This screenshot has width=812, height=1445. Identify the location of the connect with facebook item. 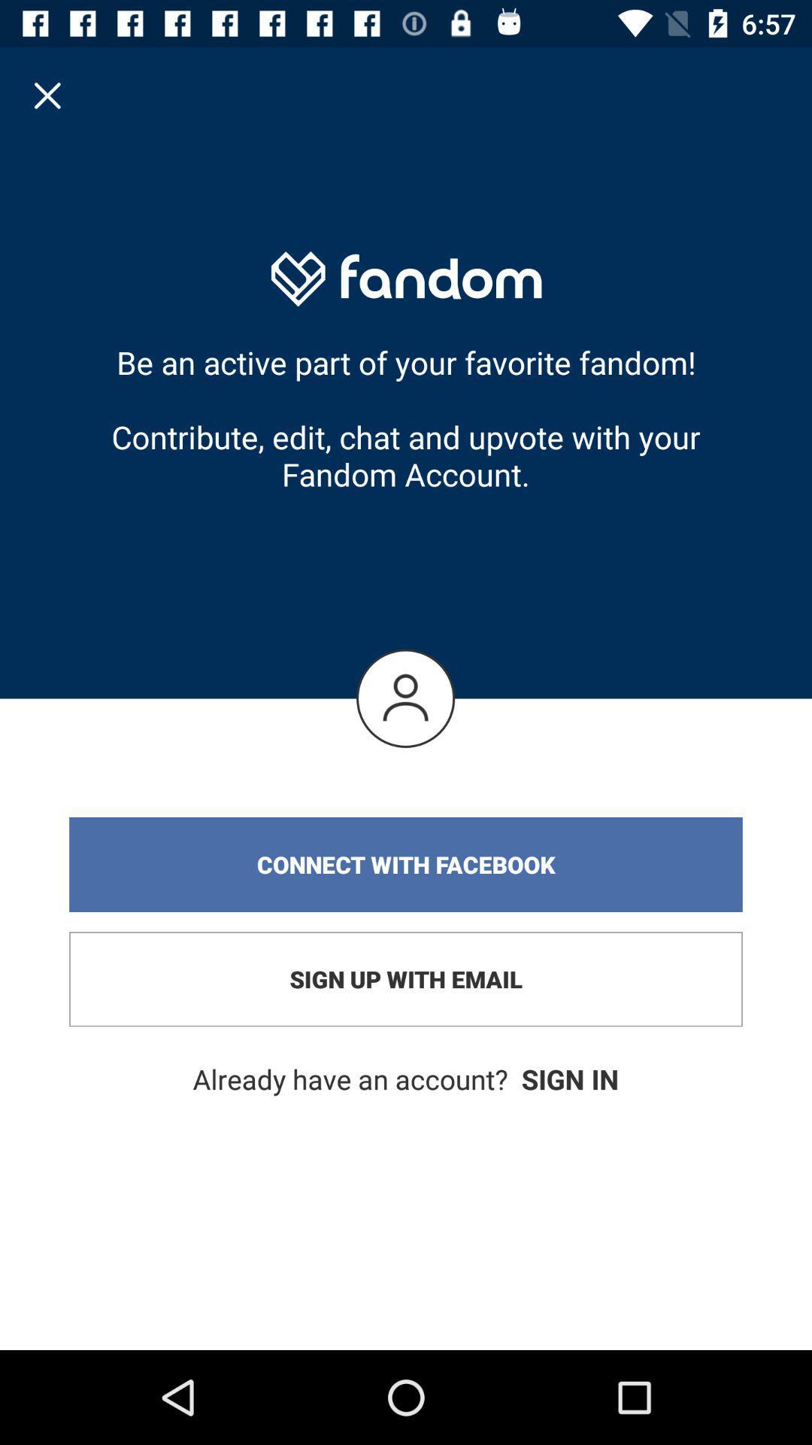
(406, 864).